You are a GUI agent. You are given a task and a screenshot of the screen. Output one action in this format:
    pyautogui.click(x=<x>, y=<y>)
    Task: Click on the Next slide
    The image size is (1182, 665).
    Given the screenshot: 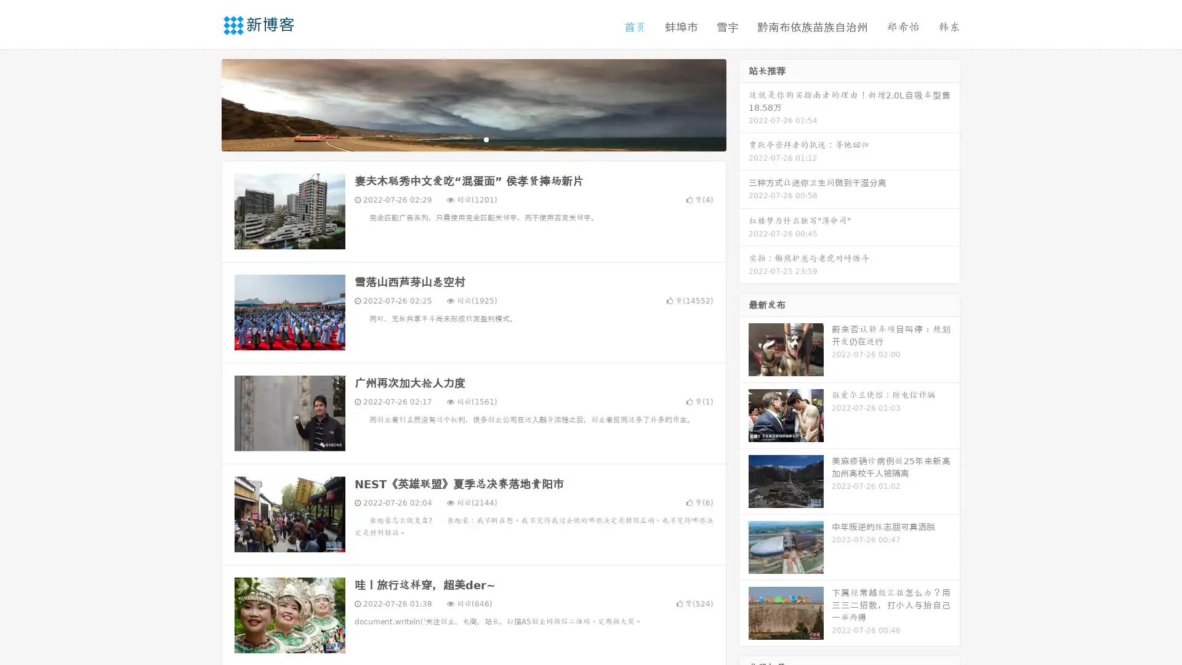 What is the action you would take?
    pyautogui.click(x=744, y=103)
    